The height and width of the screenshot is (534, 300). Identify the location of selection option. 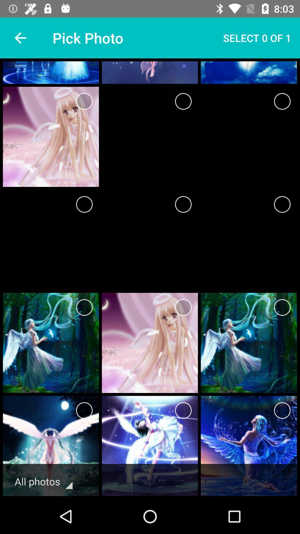
(84, 307).